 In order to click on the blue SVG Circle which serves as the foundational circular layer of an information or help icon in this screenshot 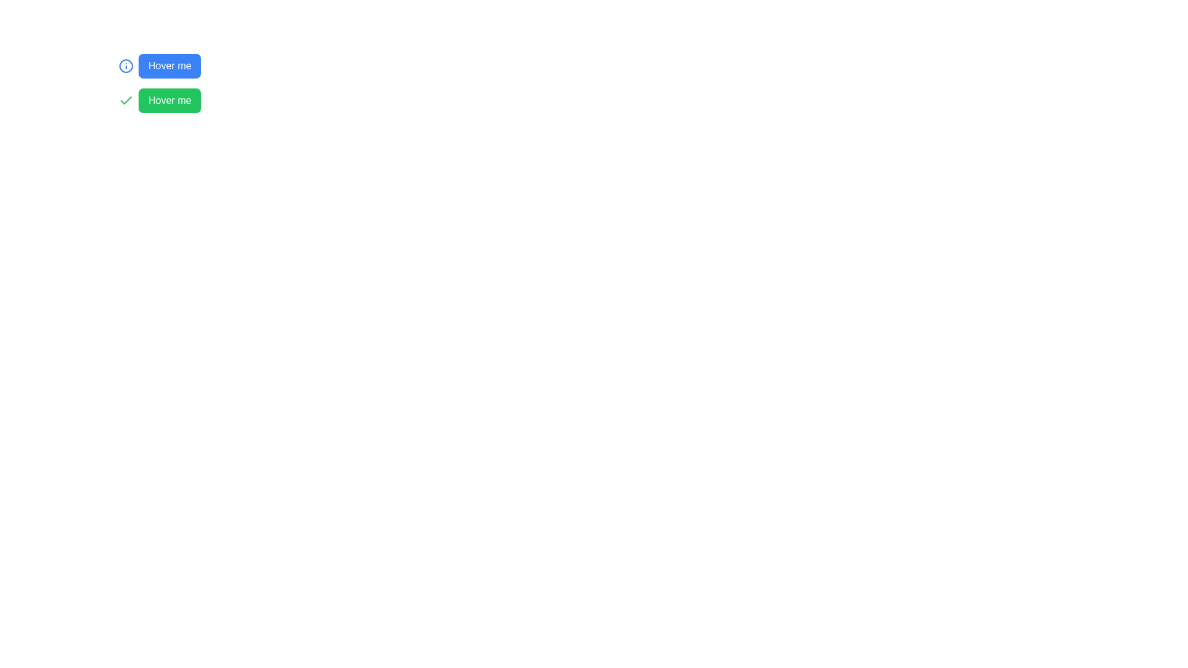, I will do `click(126, 66)`.